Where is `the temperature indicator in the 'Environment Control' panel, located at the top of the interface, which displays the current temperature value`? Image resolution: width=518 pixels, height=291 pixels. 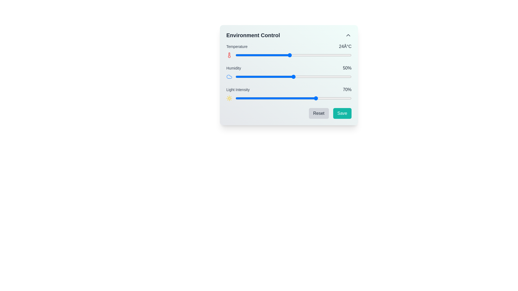
the temperature indicator in the 'Environment Control' panel, located at the top of the interface, which displays the current temperature value is located at coordinates (288, 46).